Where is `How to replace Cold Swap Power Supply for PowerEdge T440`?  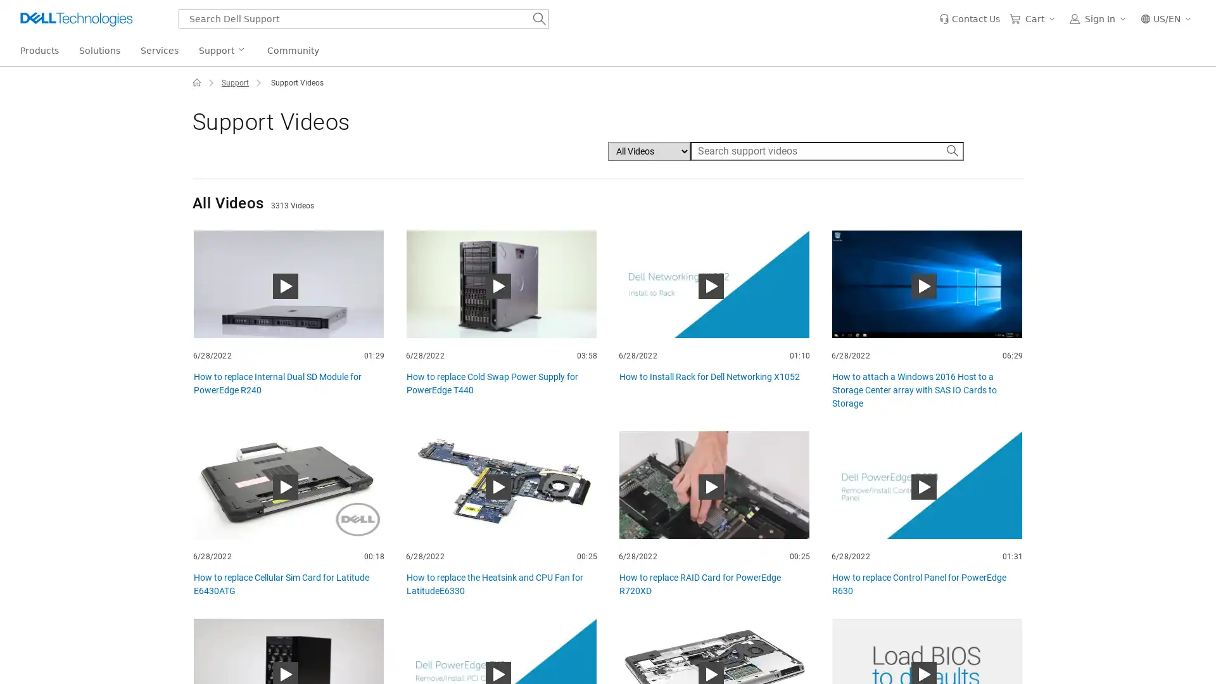 How to replace Cold Swap Power Supply for PowerEdge T440 is located at coordinates (501, 383).